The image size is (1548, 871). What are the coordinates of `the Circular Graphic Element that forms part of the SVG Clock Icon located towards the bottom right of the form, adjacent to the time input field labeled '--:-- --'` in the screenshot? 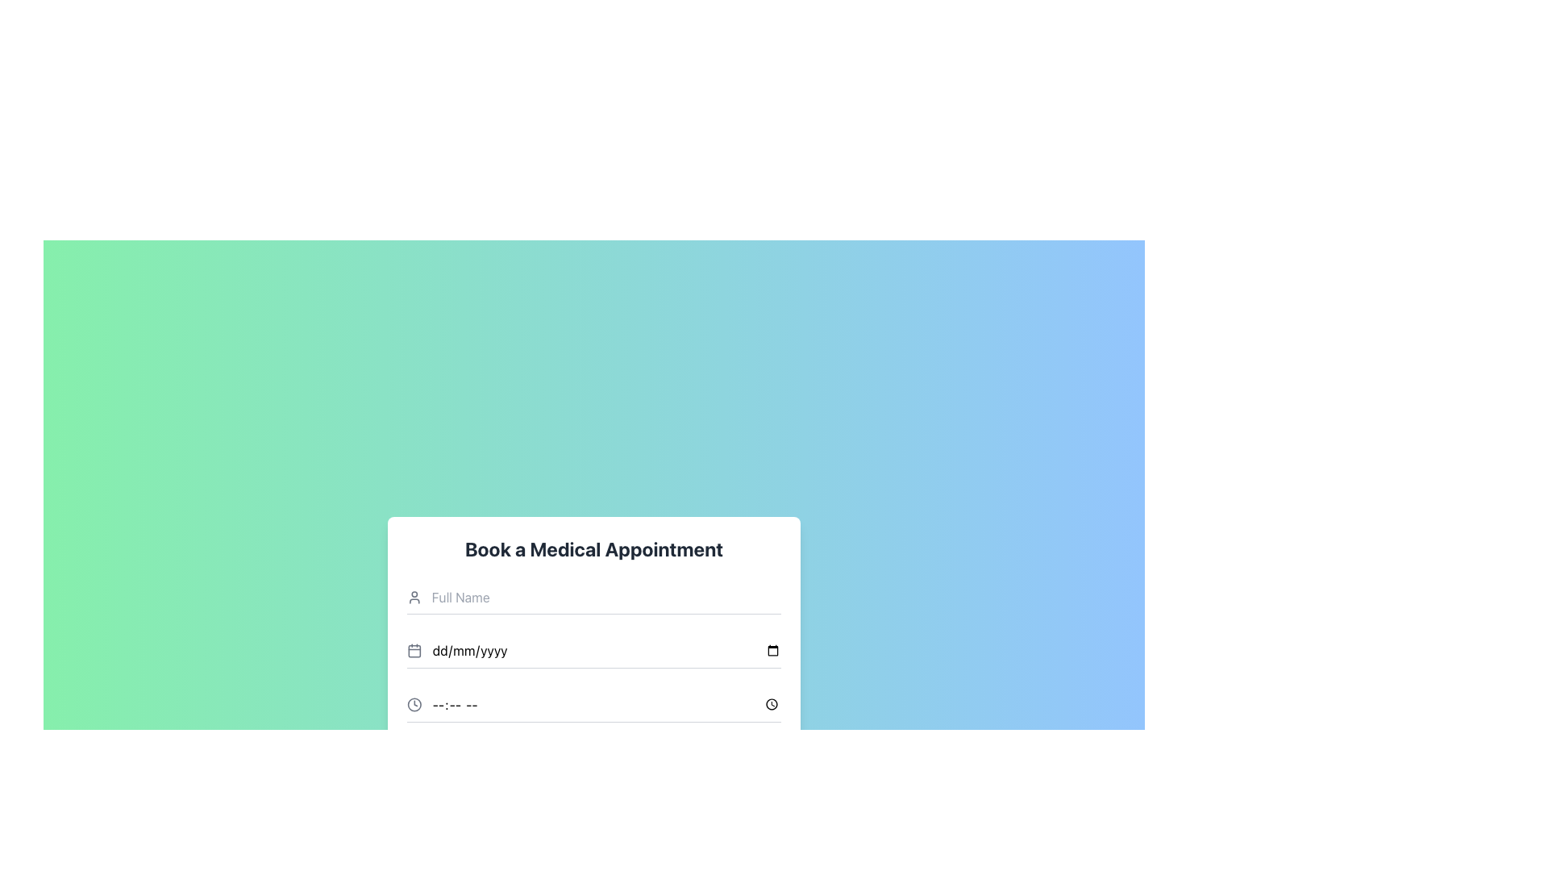 It's located at (414, 703).